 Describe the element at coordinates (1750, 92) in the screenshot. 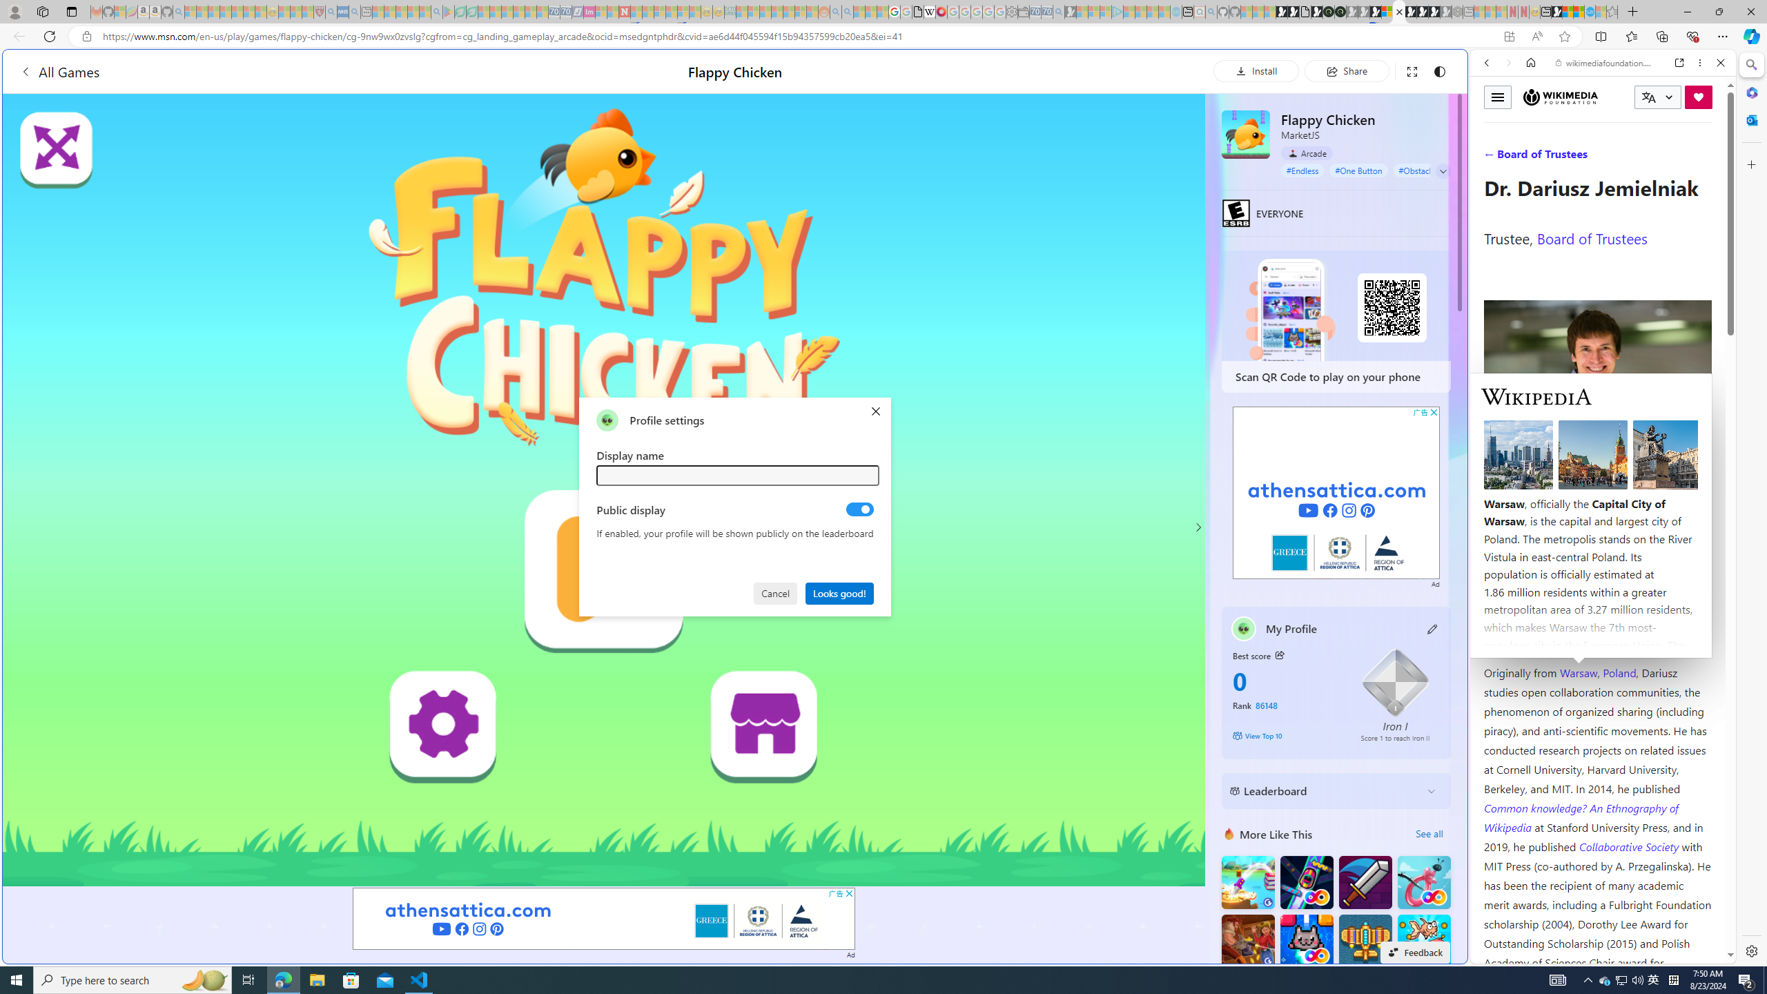

I see `'Microsoft 365'` at that location.